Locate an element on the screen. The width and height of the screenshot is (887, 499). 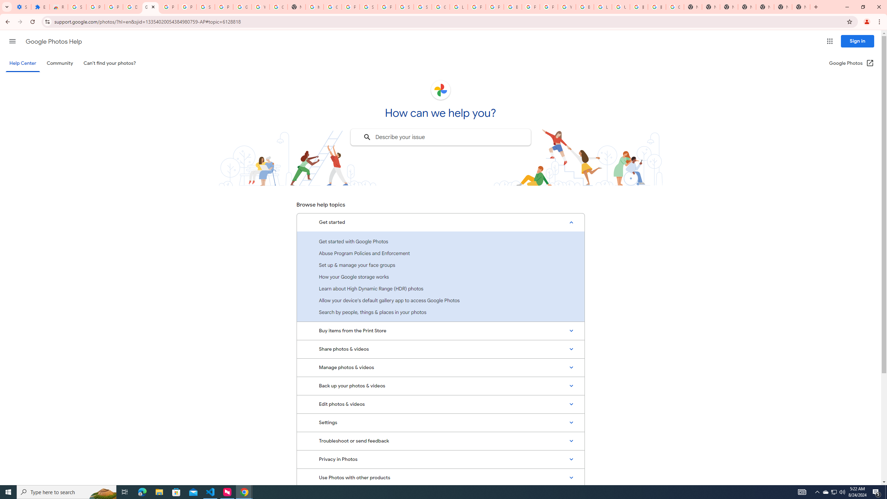
'Sign in - Google Accounts' is located at coordinates (368, 7).